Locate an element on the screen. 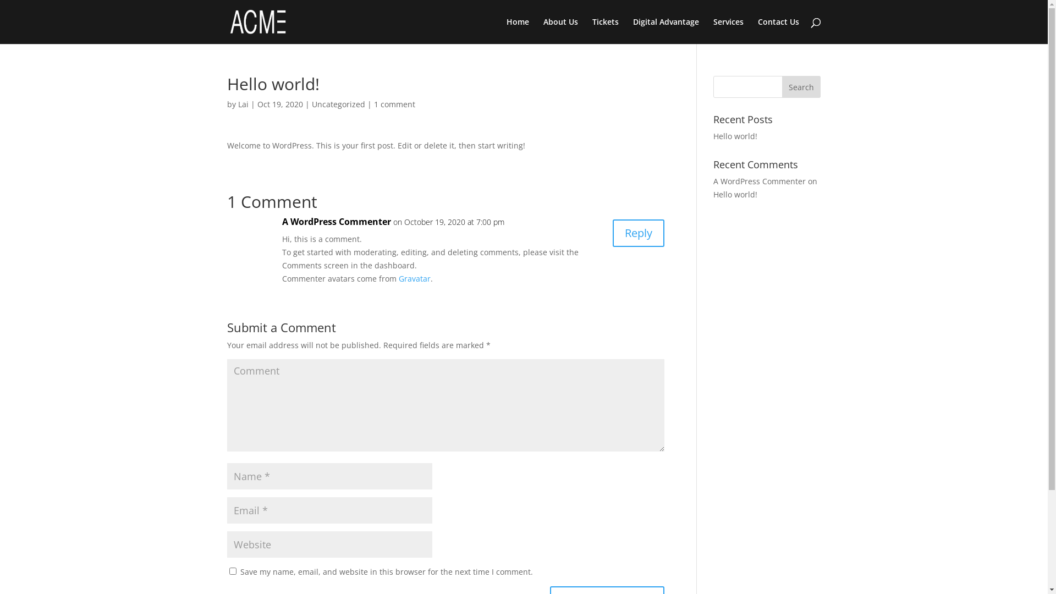 The width and height of the screenshot is (1056, 594). '1 comment' is located at coordinates (394, 104).